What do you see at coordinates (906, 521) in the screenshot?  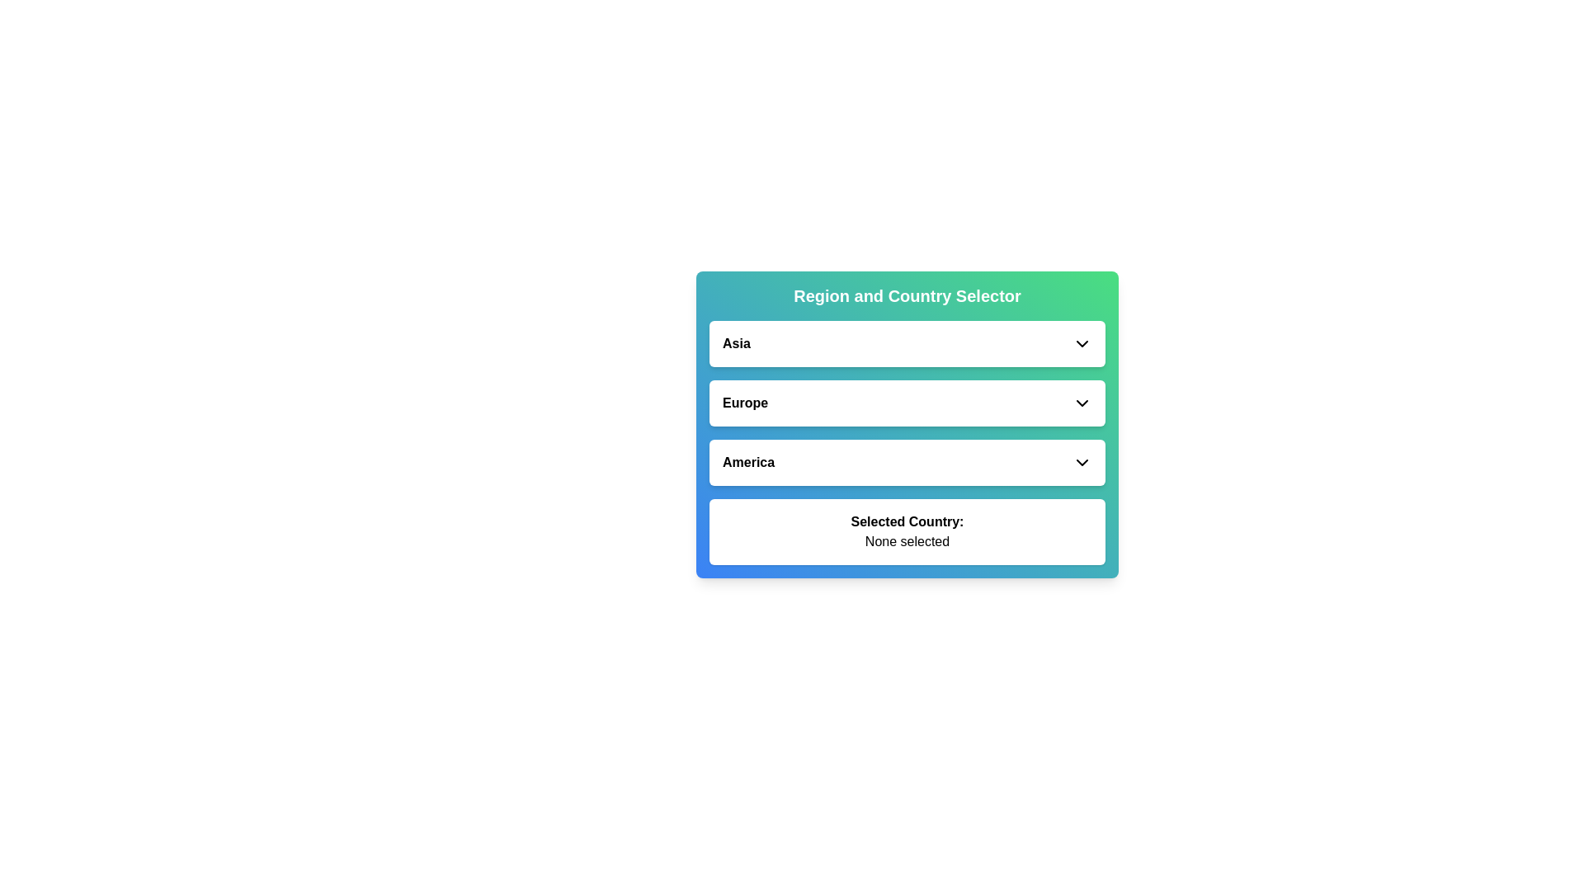 I see `the Text Label indicating the field for the selected country, located in the 'Region and Country Selector' panel, above the text 'None selected'` at bounding box center [906, 521].